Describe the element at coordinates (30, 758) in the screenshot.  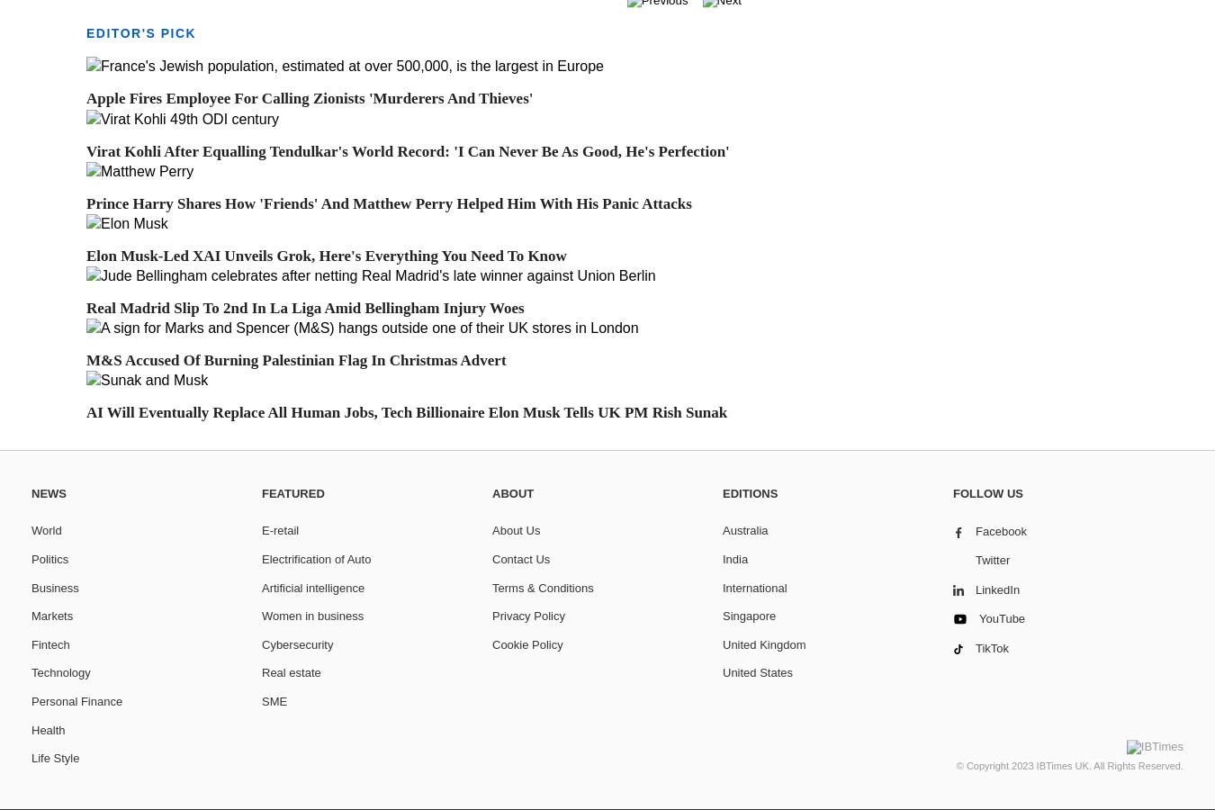
I see `'Life Style'` at that location.